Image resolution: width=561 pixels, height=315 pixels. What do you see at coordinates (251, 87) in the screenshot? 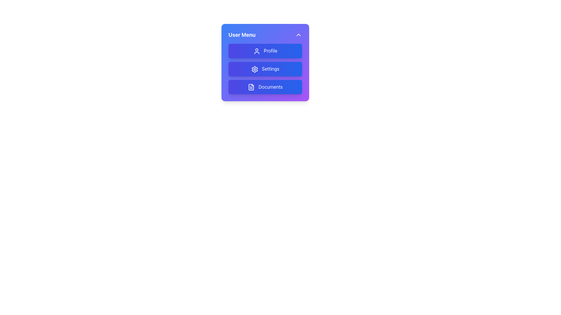
I see `the 'Documents' button, which contains an icon resembling a document, located in the user menu as the third button in the vertical stack` at bounding box center [251, 87].